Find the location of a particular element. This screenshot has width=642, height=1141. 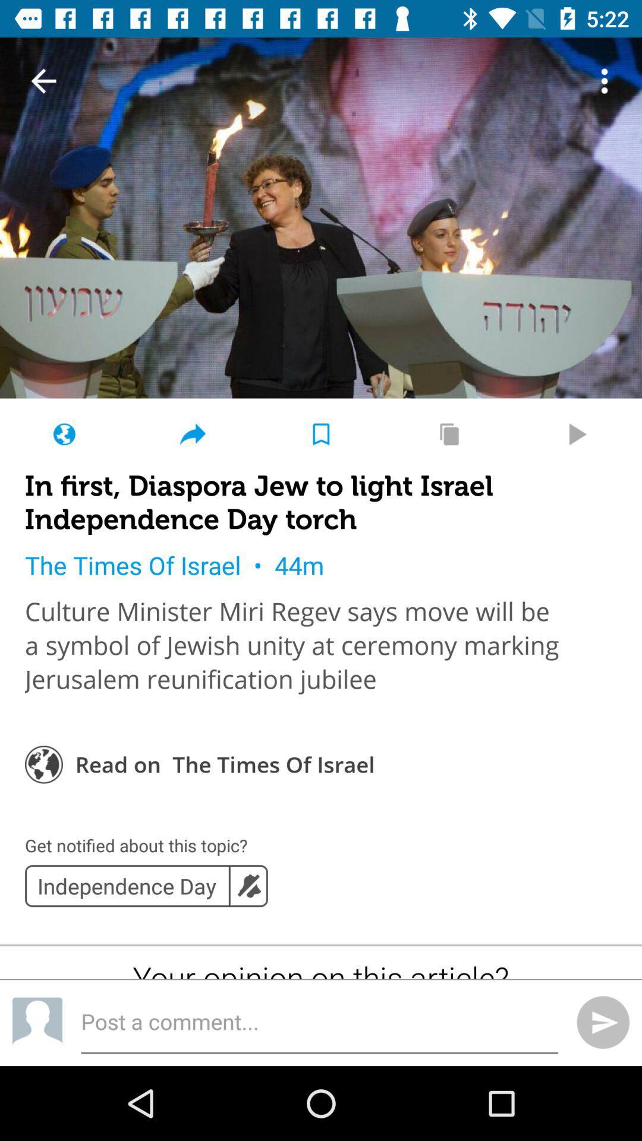

the send icon is located at coordinates (603, 1022).